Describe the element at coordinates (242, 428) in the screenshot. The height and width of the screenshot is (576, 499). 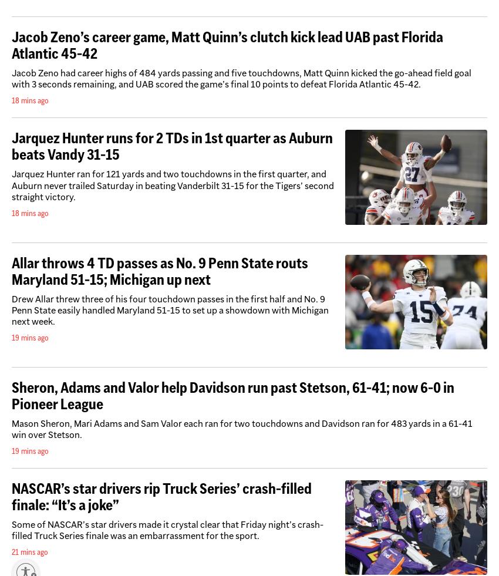
I see `'Mason Sheron, Mari Adams and Sam Valor each ran for two touchdowns and Davidson ran for 483 yards in a 61-41 win over Stetson.'` at that location.